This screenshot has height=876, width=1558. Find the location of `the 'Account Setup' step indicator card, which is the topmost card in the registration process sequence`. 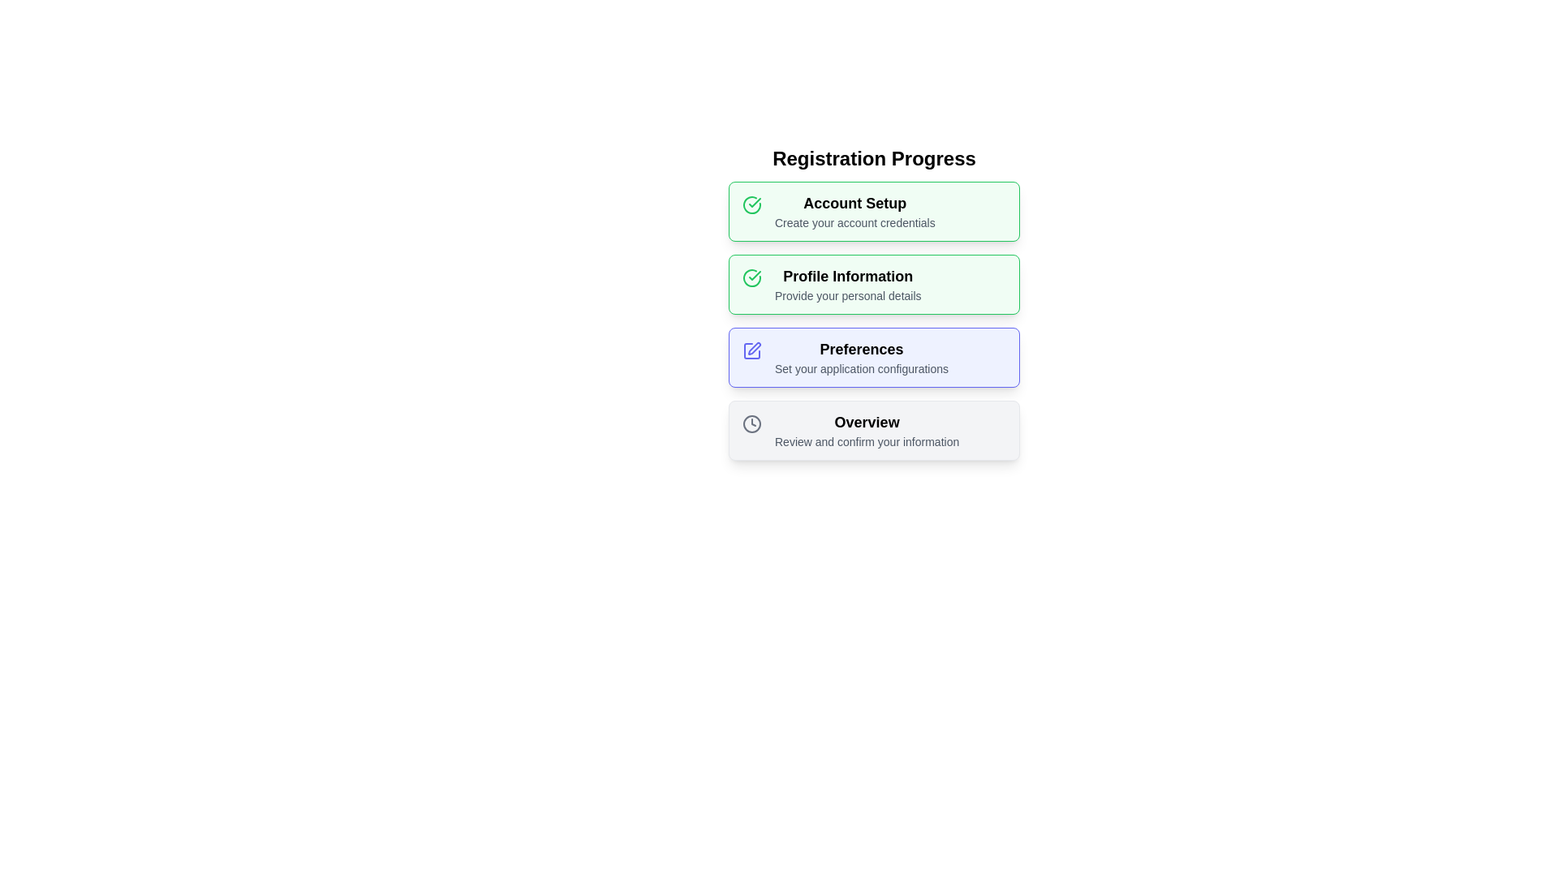

the 'Account Setup' step indicator card, which is the topmost card in the registration process sequence is located at coordinates (873, 211).